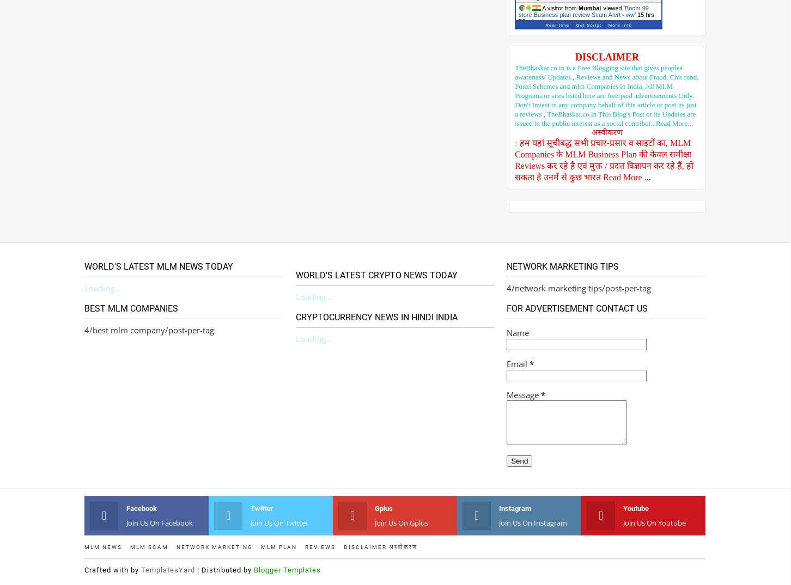 The height and width of the screenshot is (585, 791). What do you see at coordinates (608, 25) in the screenshot?
I see `'More Info'` at bounding box center [608, 25].